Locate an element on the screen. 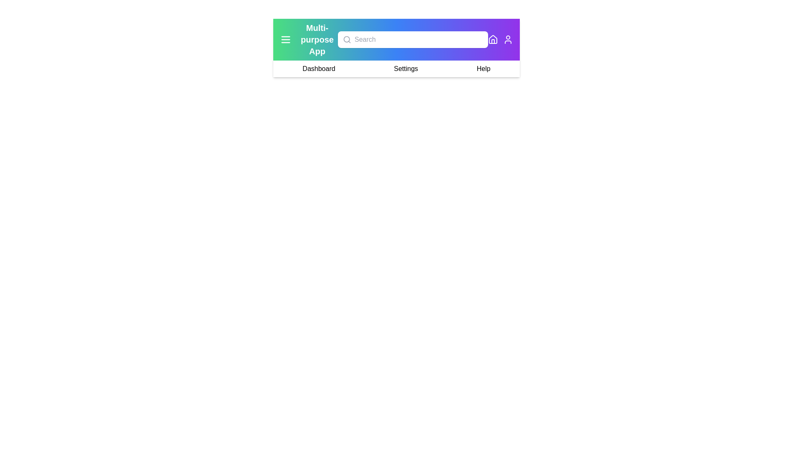 The image size is (801, 451). the user icon button to navigate to the user profile is located at coordinates (508, 40).